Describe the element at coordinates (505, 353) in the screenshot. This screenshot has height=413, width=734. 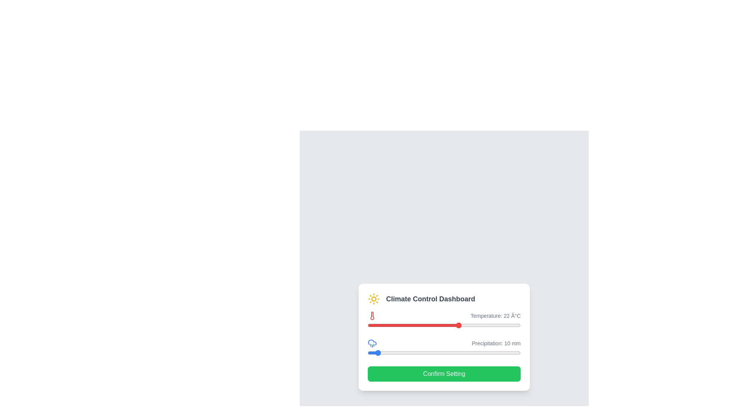
I see `the precipitation slider to 180 mm` at that location.